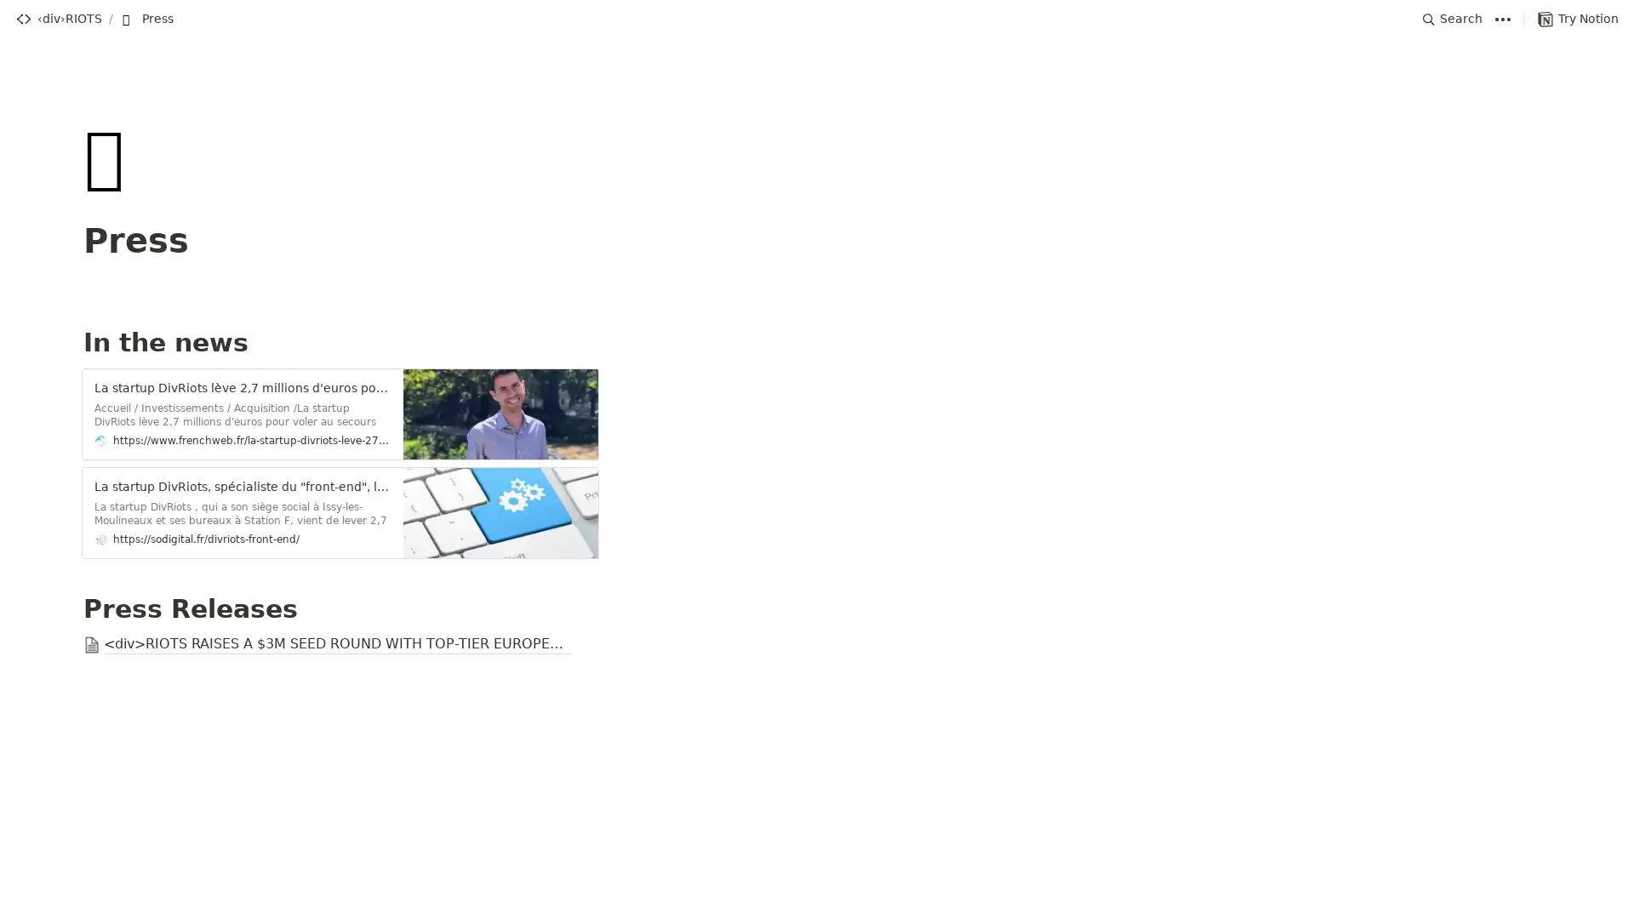 This screenshot has height=919, width=1634. What do you see at coordinates (1452, 19) in the screenshot?
I see `Search` at bounding box center [1452, 19].